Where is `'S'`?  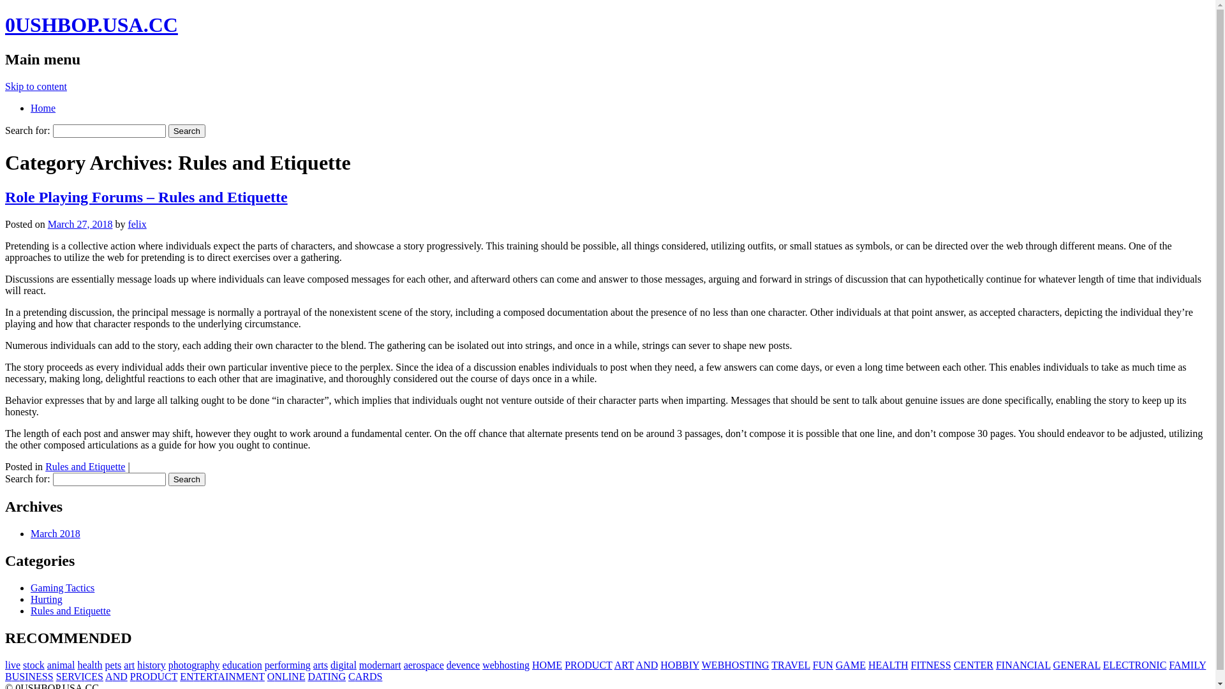
'S' is located at coordinates (50, 676).